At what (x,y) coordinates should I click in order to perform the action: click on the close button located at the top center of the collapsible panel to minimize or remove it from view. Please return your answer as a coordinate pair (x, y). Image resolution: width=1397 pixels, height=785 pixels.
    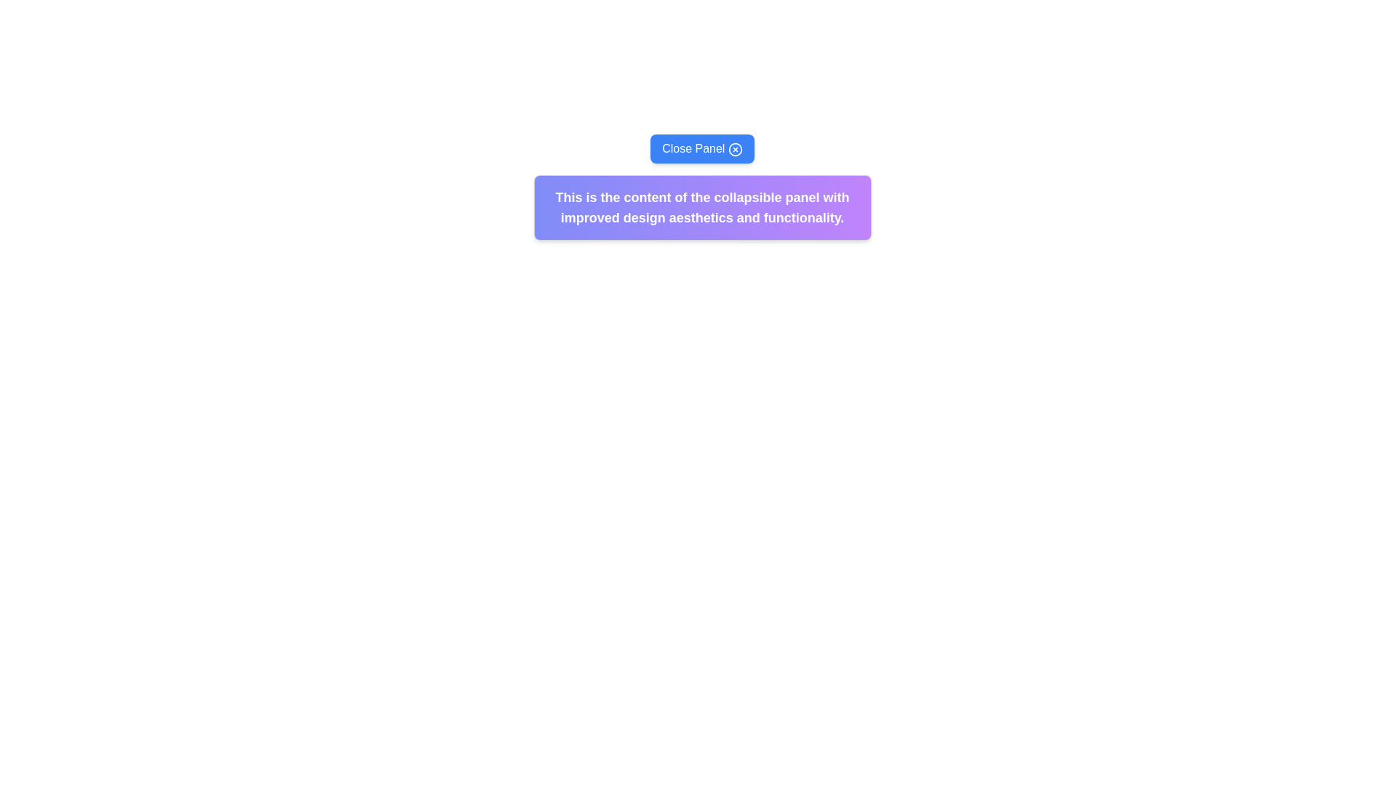
    Looking at the image, I should click on (702, 148).